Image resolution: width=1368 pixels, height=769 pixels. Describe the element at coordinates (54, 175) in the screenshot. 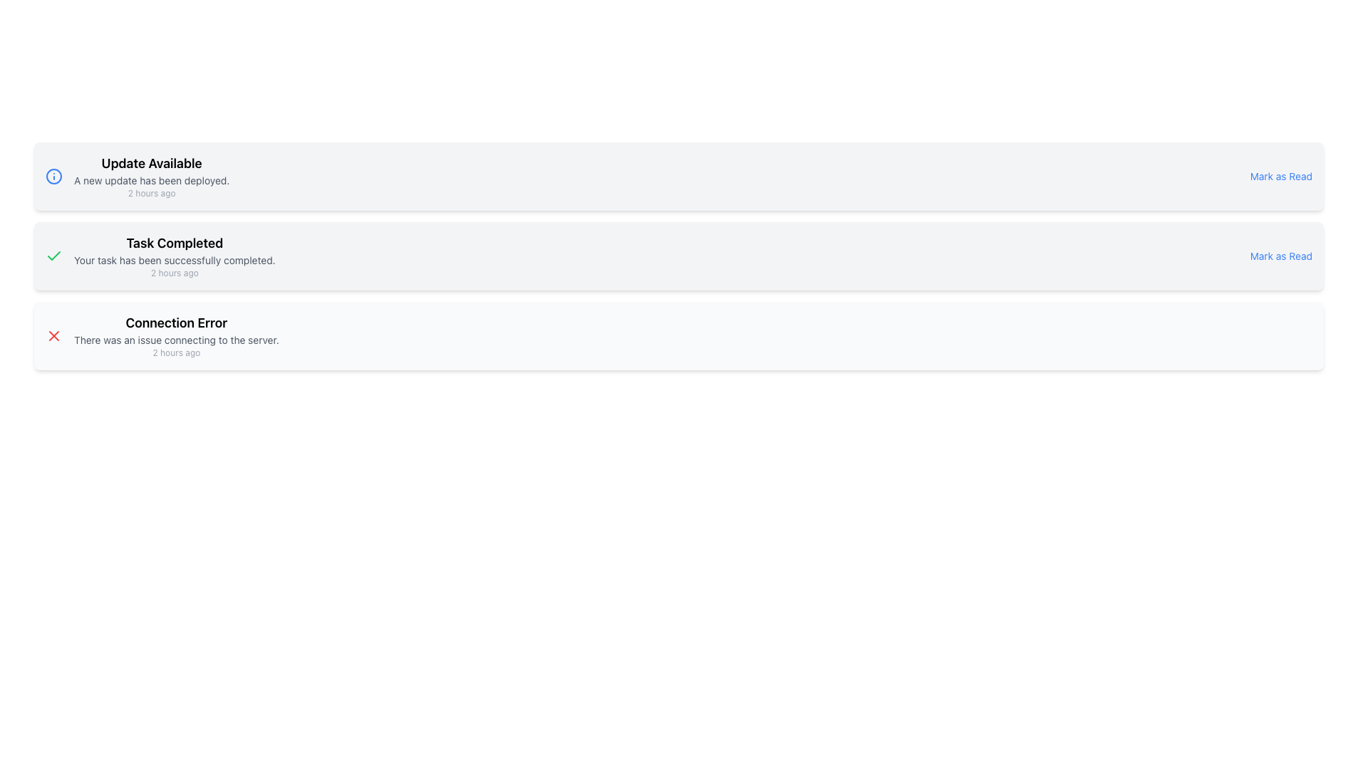

I see `the blue circular outline icon preceding the 'Update Available' notification text, which is the outermost circular shape in the SVG element` at that location.